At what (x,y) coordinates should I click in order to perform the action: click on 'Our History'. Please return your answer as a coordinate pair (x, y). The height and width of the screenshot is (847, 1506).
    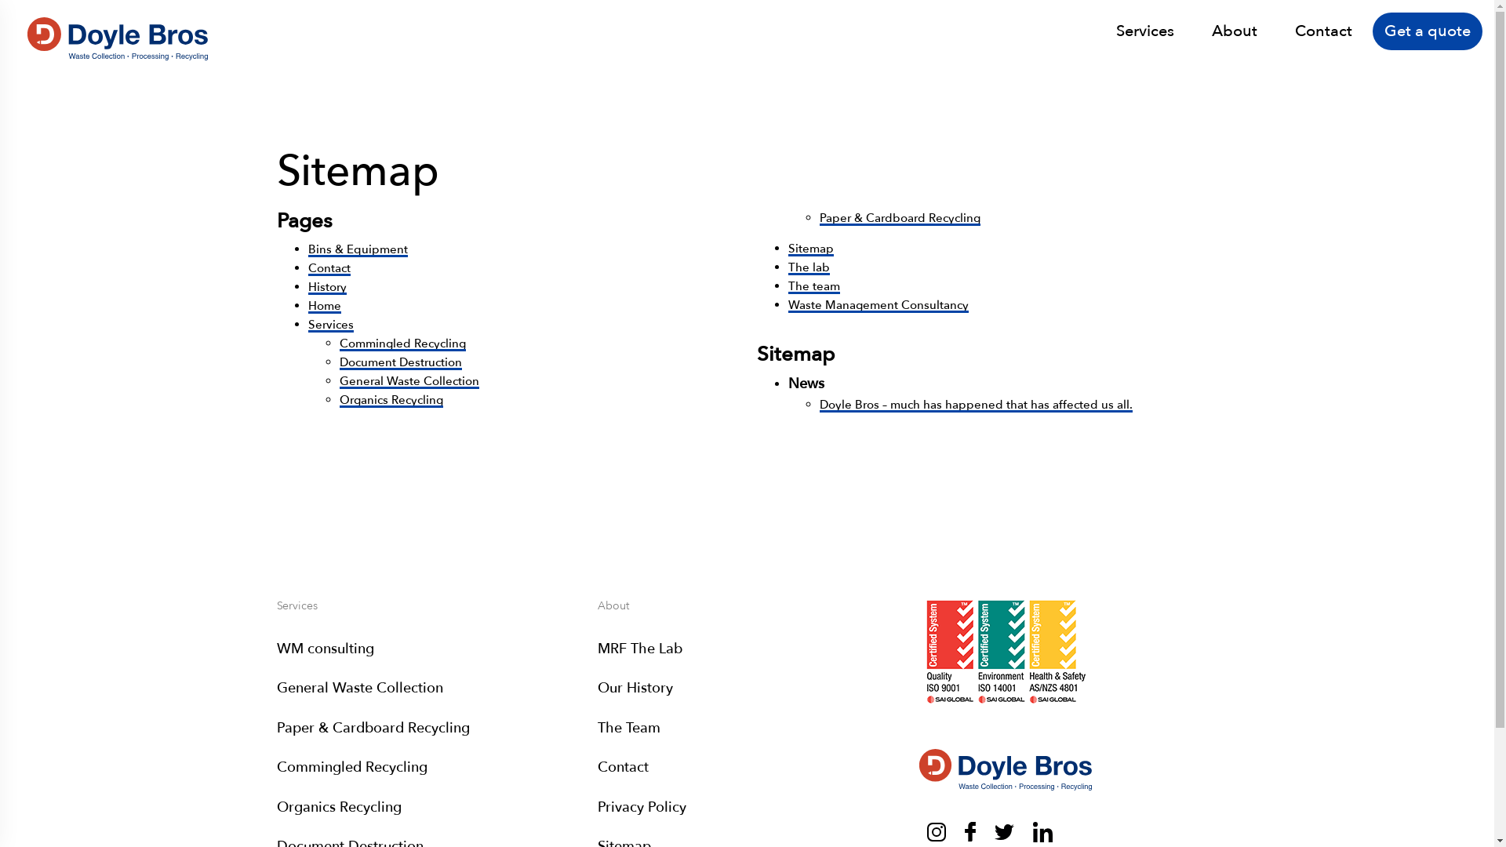
    Looking at the image, I should click on (635, 687).